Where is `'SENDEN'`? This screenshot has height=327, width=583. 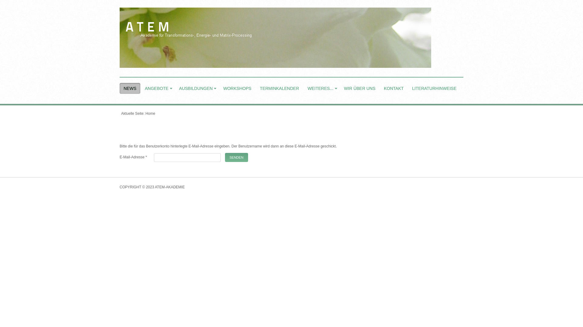 'SENDEN' is located at coordinates (236, 157).